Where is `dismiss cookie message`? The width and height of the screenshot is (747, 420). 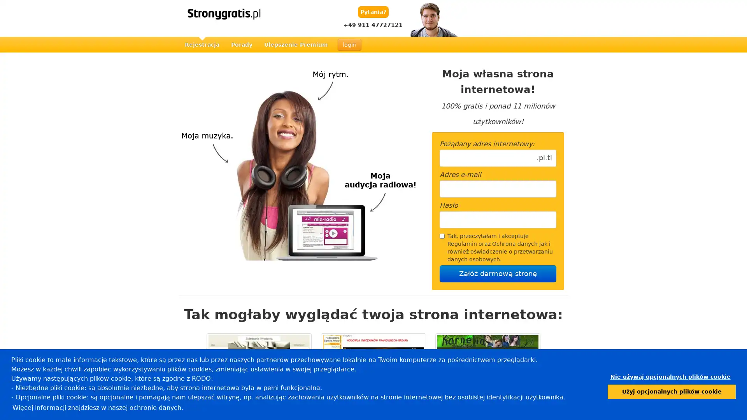
dismiss cookie message is located at coordinates (670, 376).